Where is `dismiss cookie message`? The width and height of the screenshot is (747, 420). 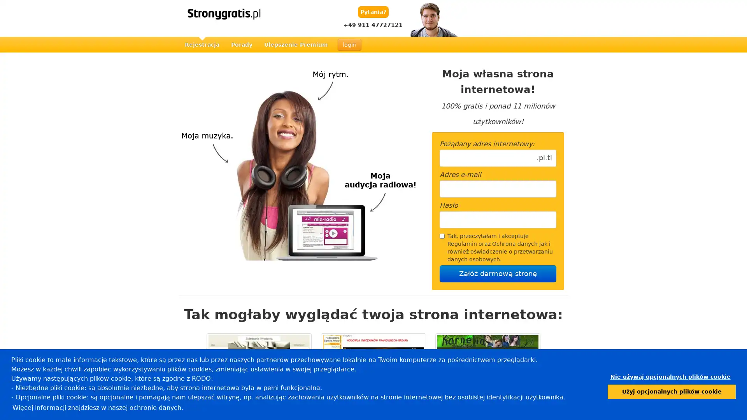
dismiss cookie message is located at coordinates (670, 376).